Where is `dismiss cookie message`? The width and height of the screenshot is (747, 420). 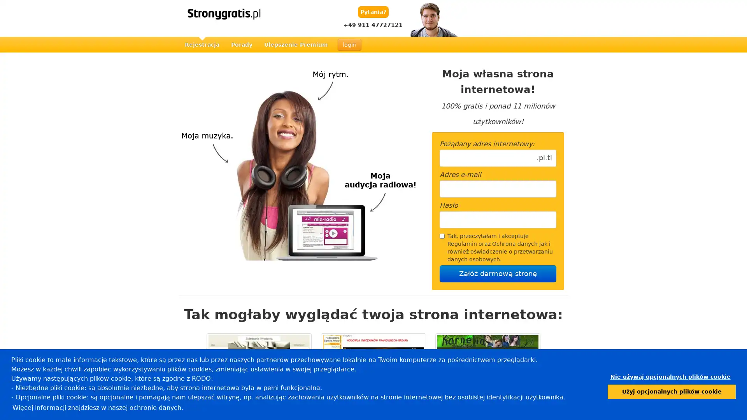
dismiss cookie message is located at coordinates (670, 376).